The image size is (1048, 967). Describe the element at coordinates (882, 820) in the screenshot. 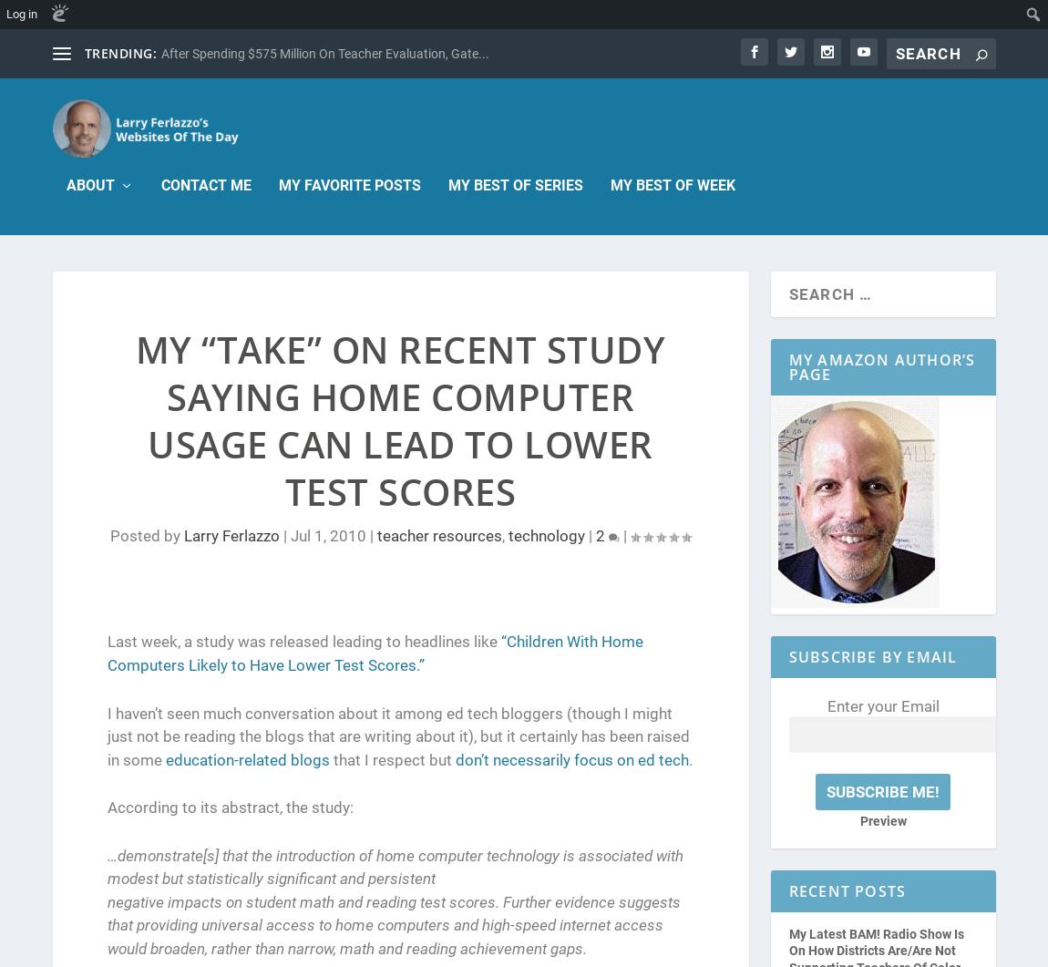

I see `'Preview'` at that location.